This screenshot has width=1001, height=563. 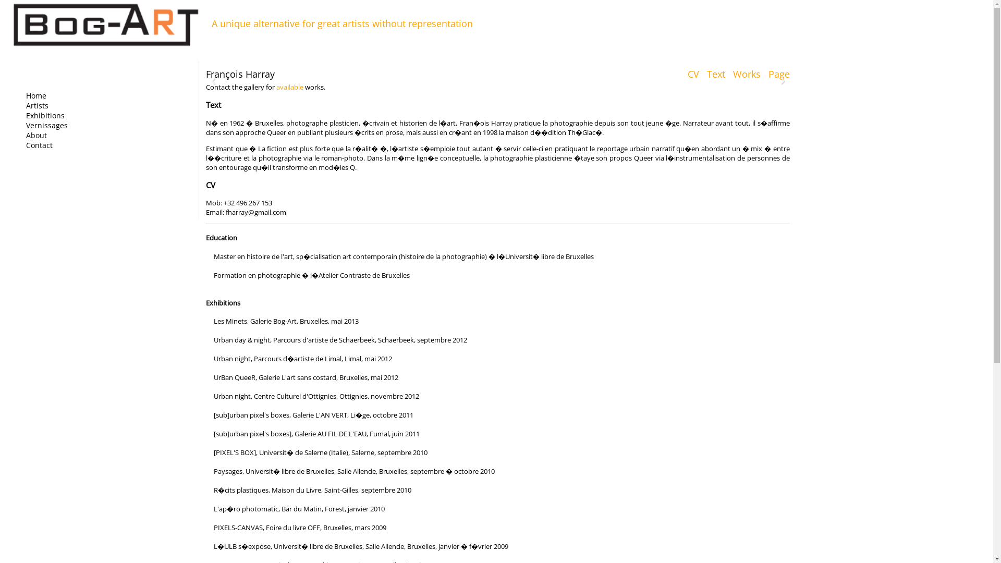 I want to click on '   Vernissages', so click(x=43, y=125).